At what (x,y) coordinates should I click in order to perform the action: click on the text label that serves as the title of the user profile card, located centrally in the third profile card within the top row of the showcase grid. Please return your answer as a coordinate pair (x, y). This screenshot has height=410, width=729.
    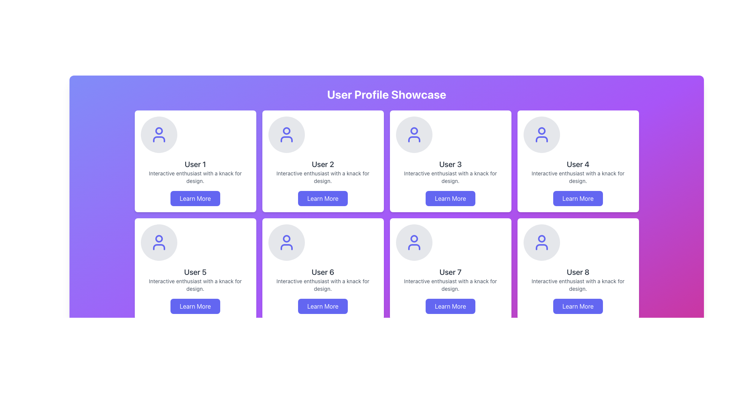
    Looking at the image, I should click on (450, 164).